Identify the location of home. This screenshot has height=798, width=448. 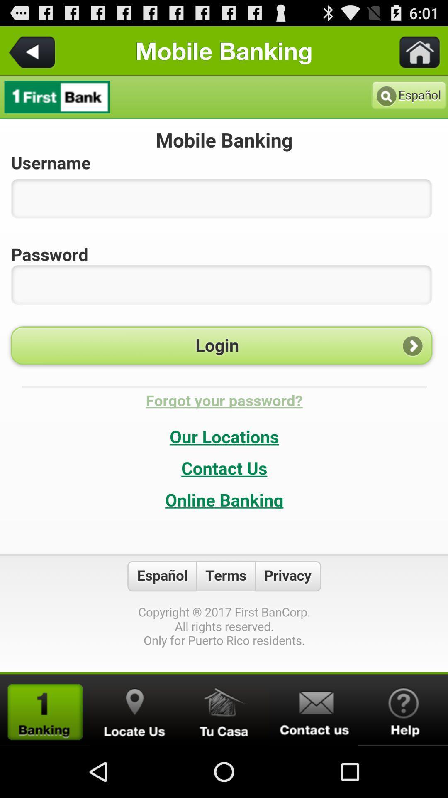
(224, 709).